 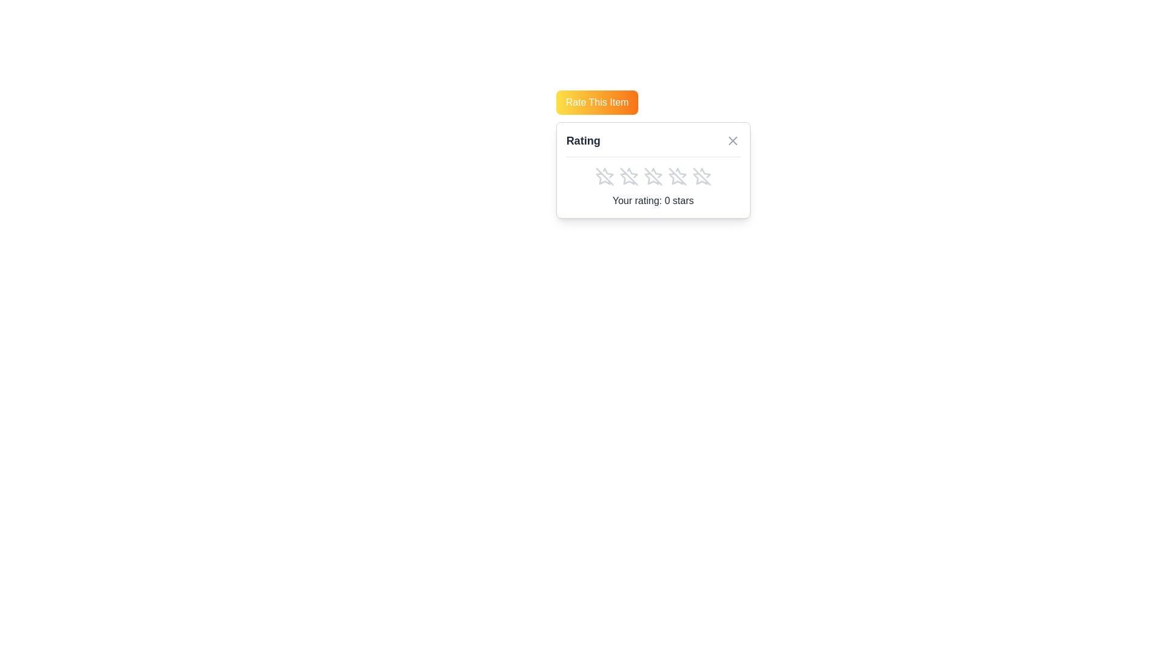 What do you see at coordinates (732, 140) in the screenshot?
I see `the small gray X-shaped icon button located at the top-right corner of the 'Rating' panel` at bounding box center [732, 140].